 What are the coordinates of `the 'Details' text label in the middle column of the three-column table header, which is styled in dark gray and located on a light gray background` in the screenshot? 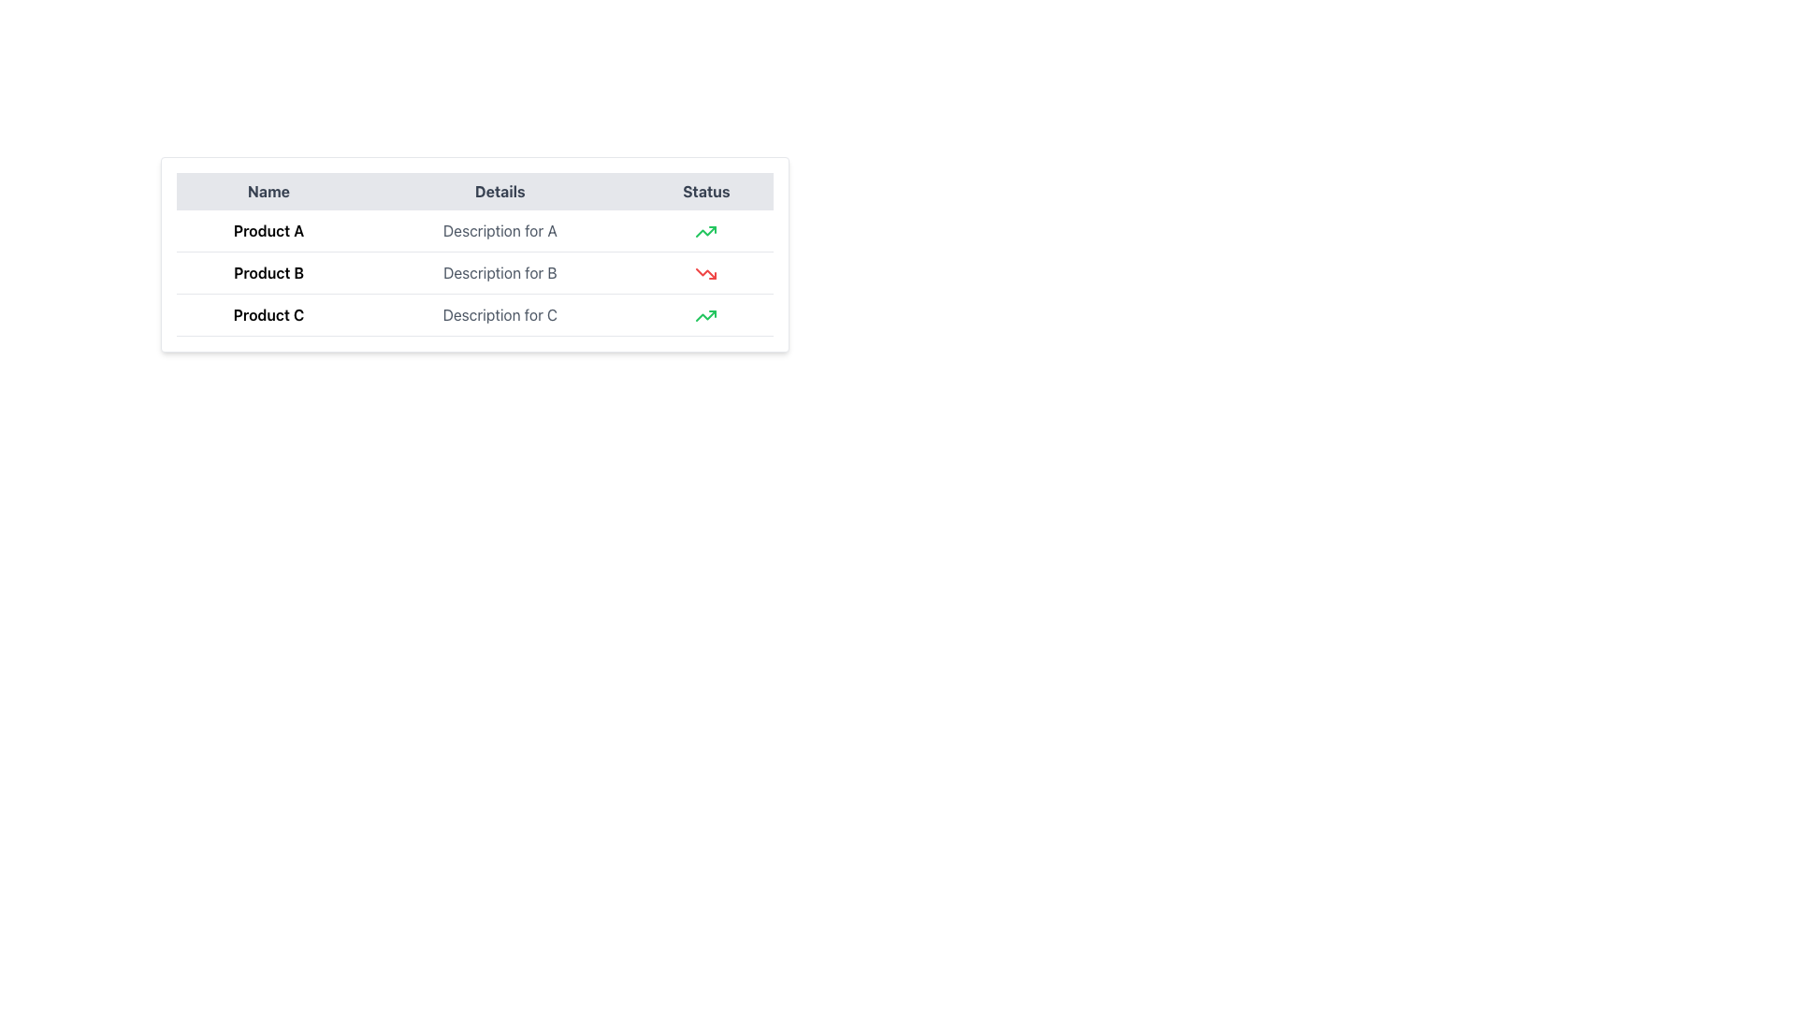 It's located at (500, 191).